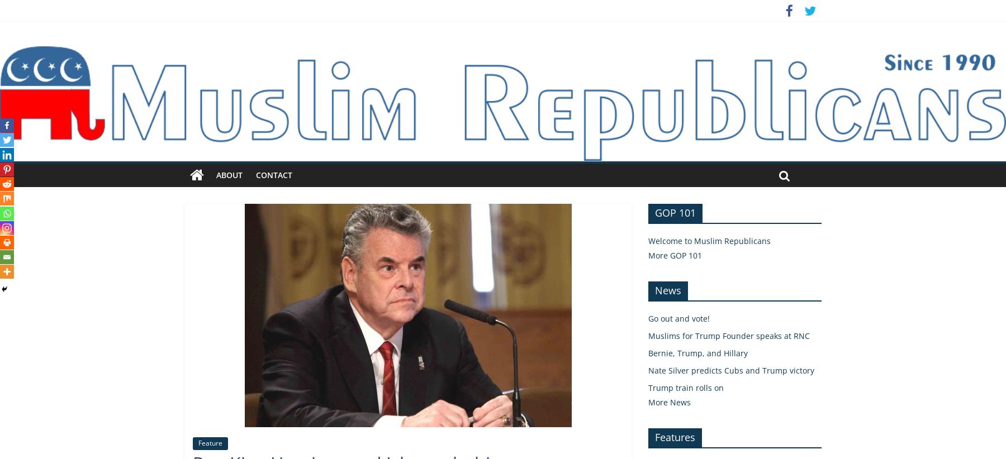  What do you see at coordinates (675, 212) in the screenshot?
I see `'GOP 101'` at bounding box center [675, 212].